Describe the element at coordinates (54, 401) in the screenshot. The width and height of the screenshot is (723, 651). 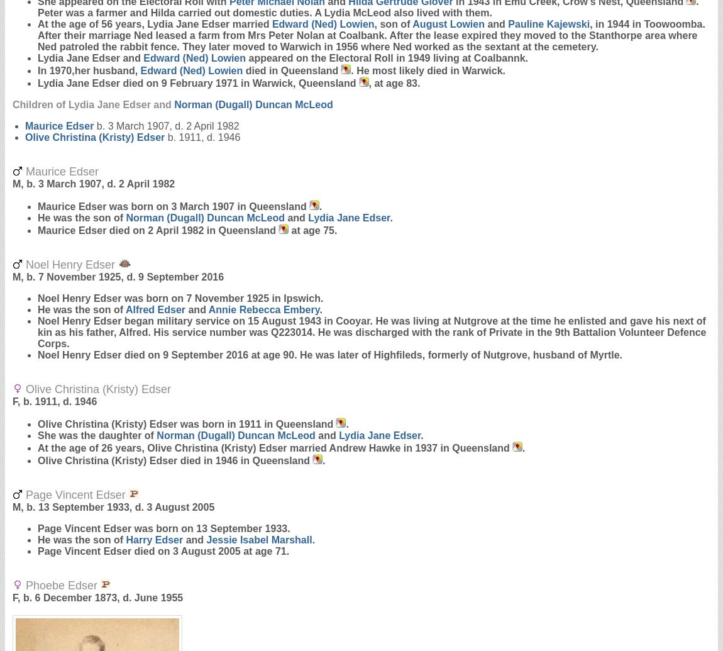
I see `'F, b. 1911, d. 1946'` at that location.